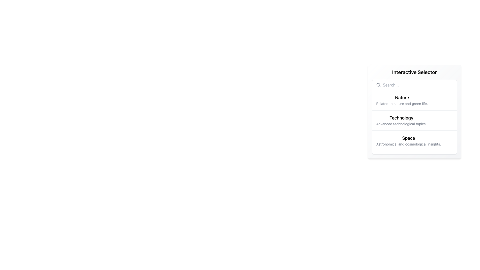 The image size is (480, 270). Describe the element at coordinates (414, 111) in the screenshot. I see `the 'Technology' entry in the interactive list` at that location.